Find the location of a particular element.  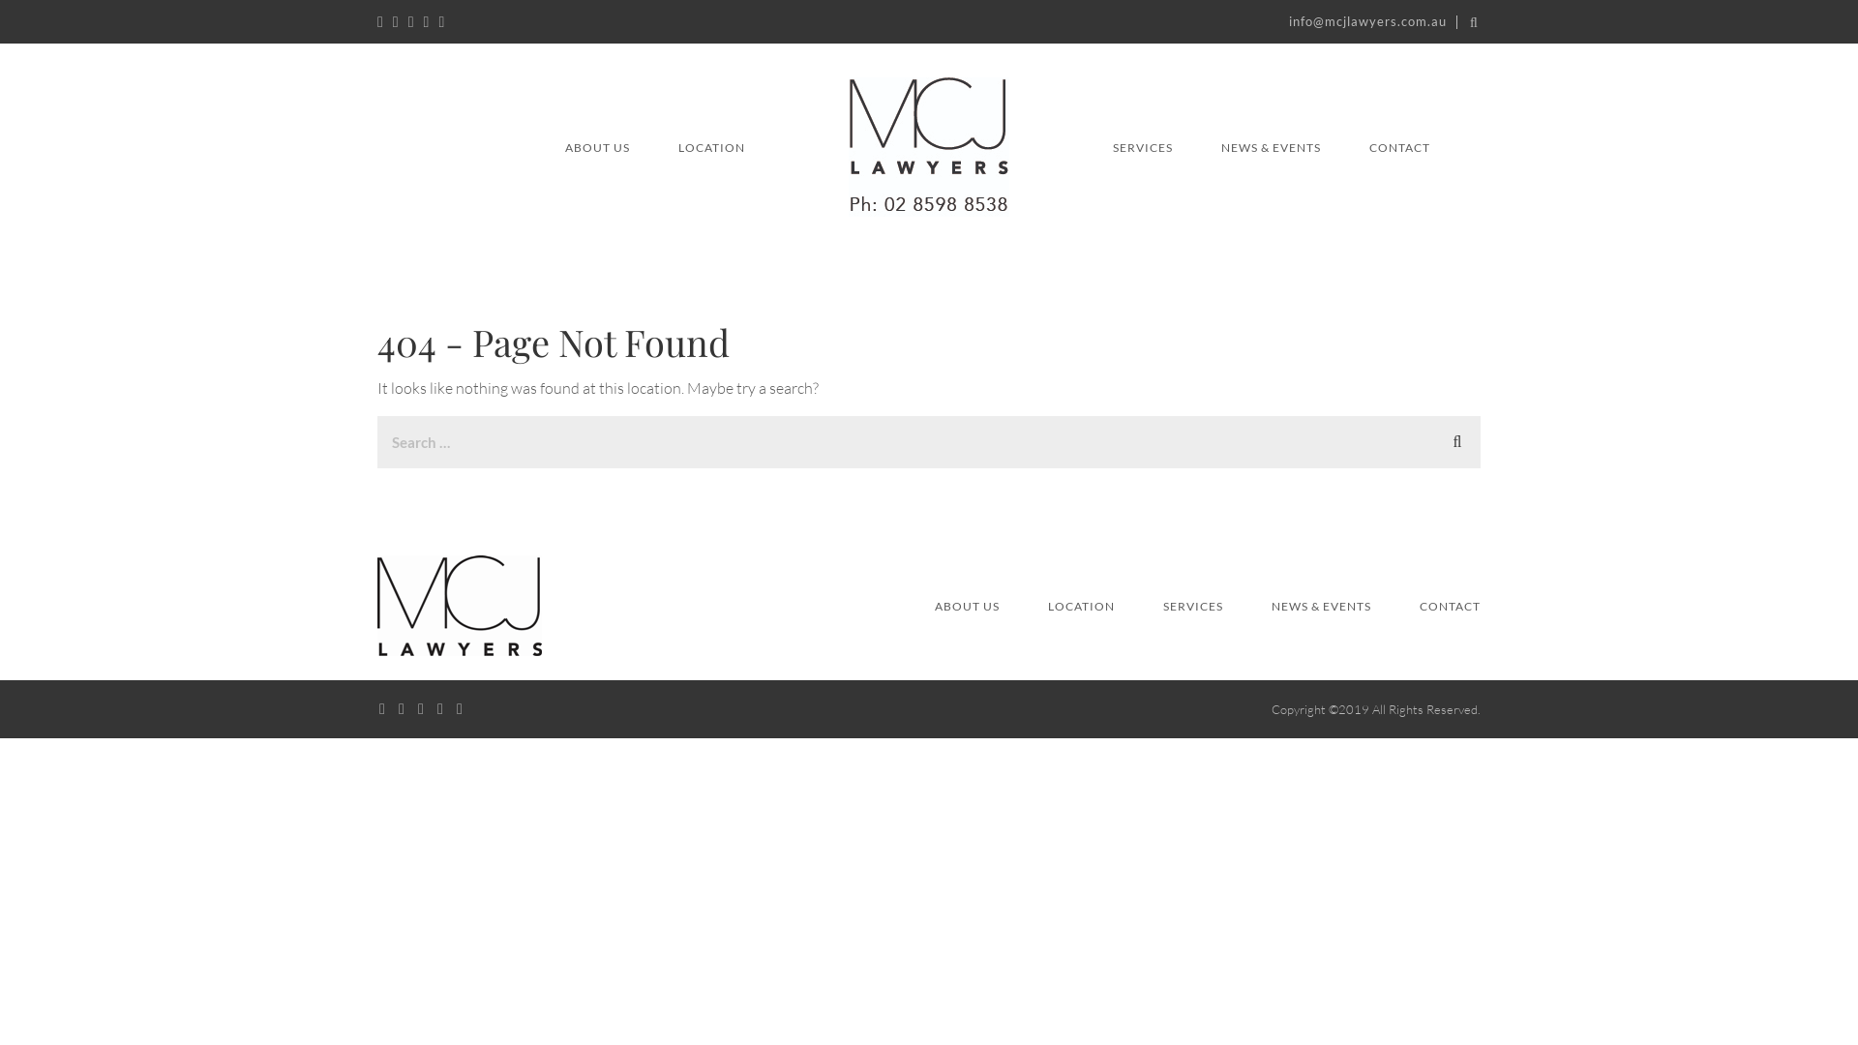

'CONTACT' is located at coordinates (1420, 606).